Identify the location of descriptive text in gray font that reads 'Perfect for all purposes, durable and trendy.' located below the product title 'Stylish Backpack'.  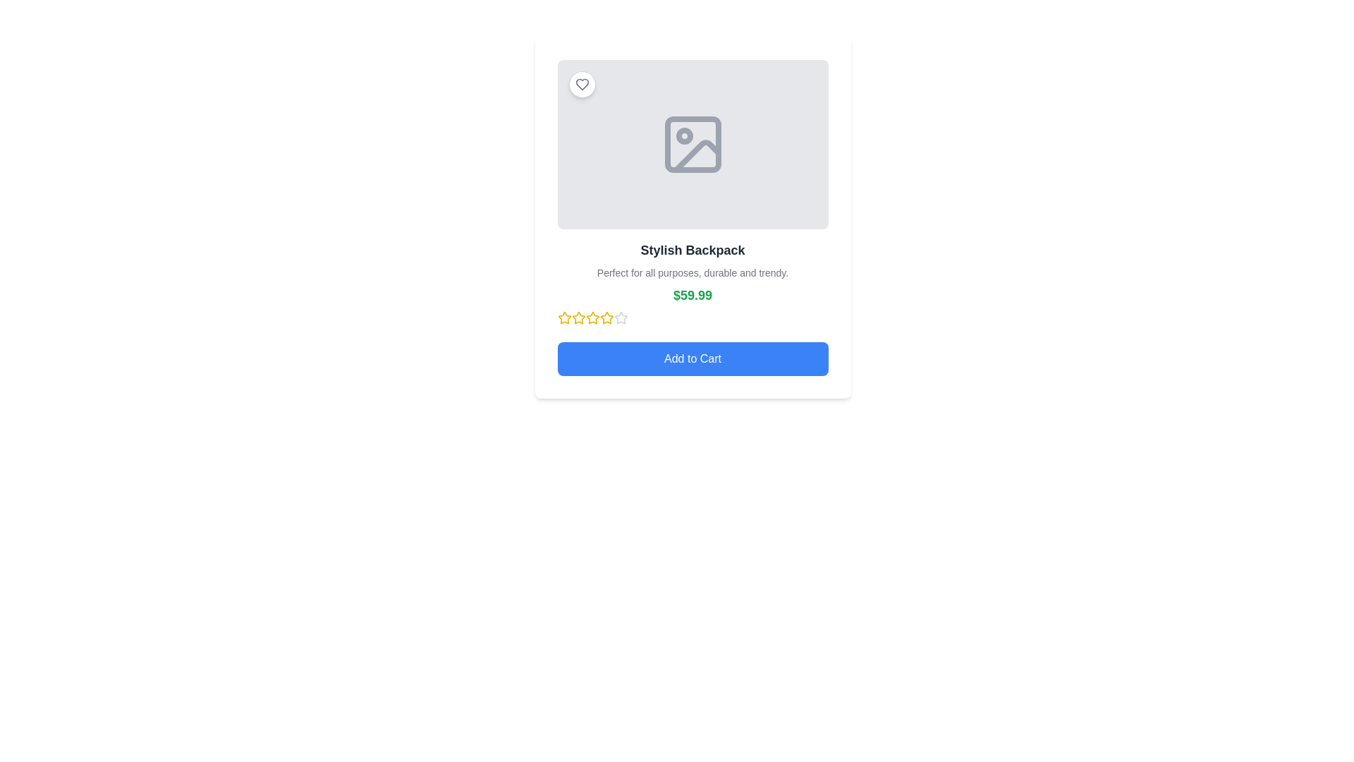
(693, 272).